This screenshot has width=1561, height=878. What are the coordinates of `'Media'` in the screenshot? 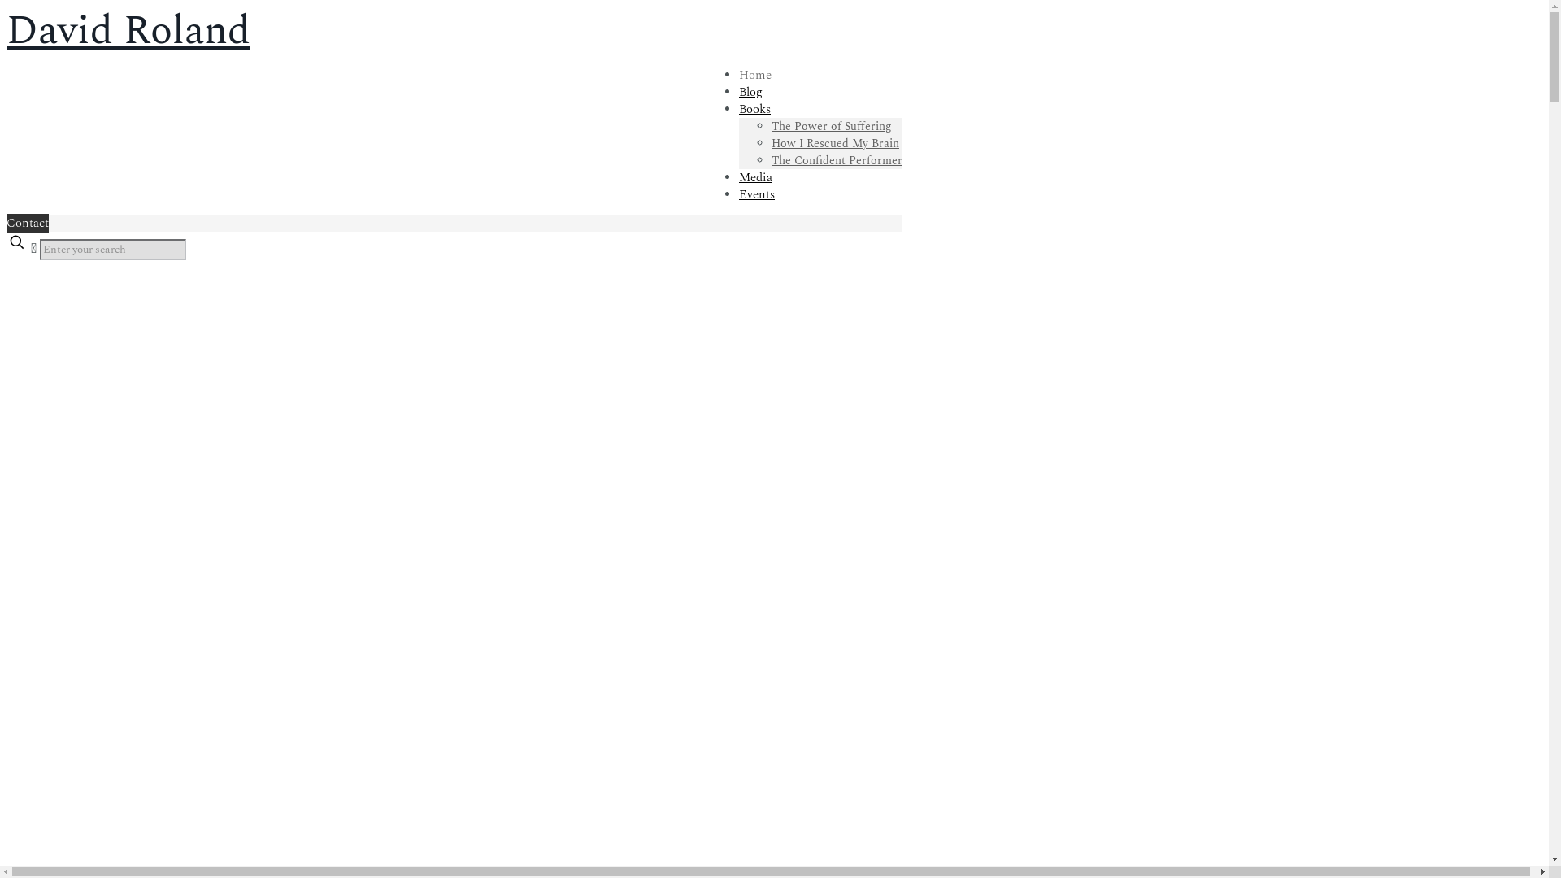 It's located at (737, 177).